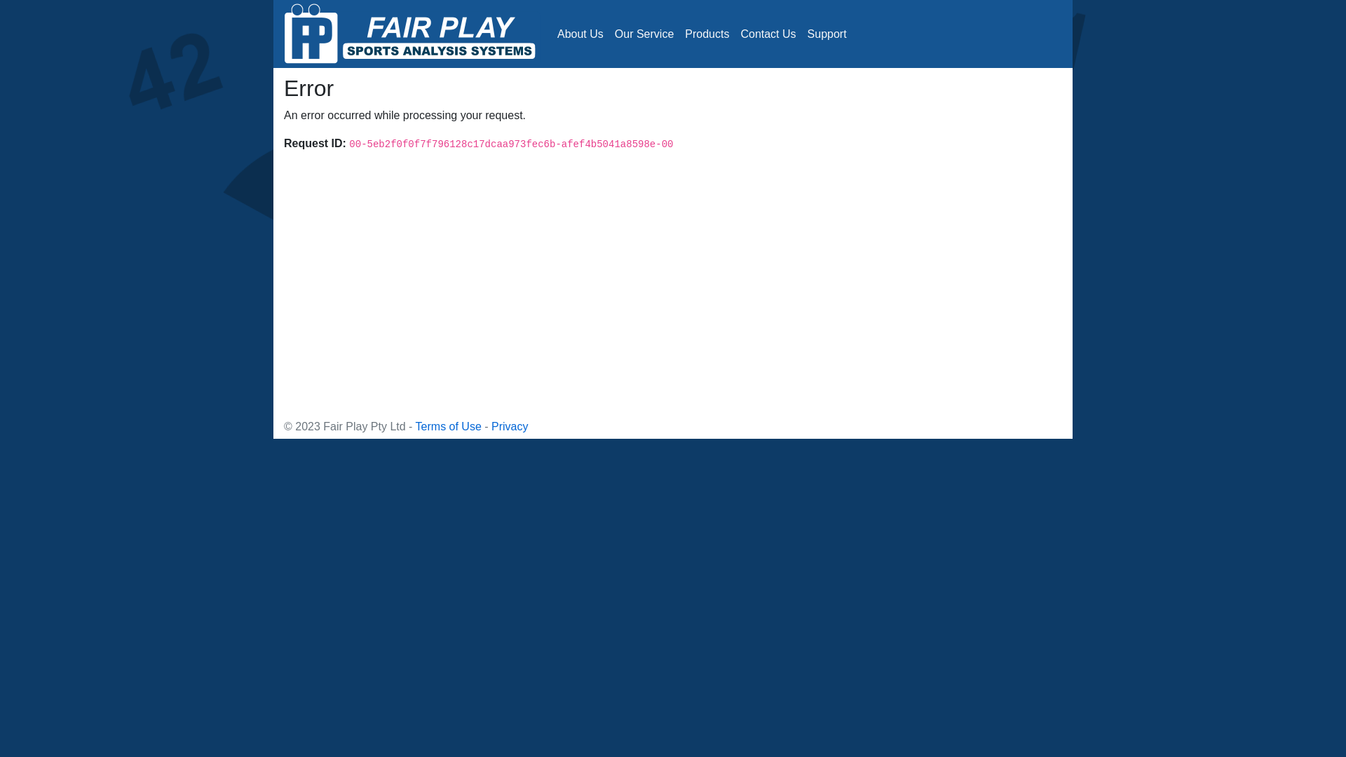 Image resolution: width=1346 pixels, height=757 pixels. What do you see at coordinates (767, 32) in the screenshot?
I see `'Contact Us'` at bounding box center [767, 32].